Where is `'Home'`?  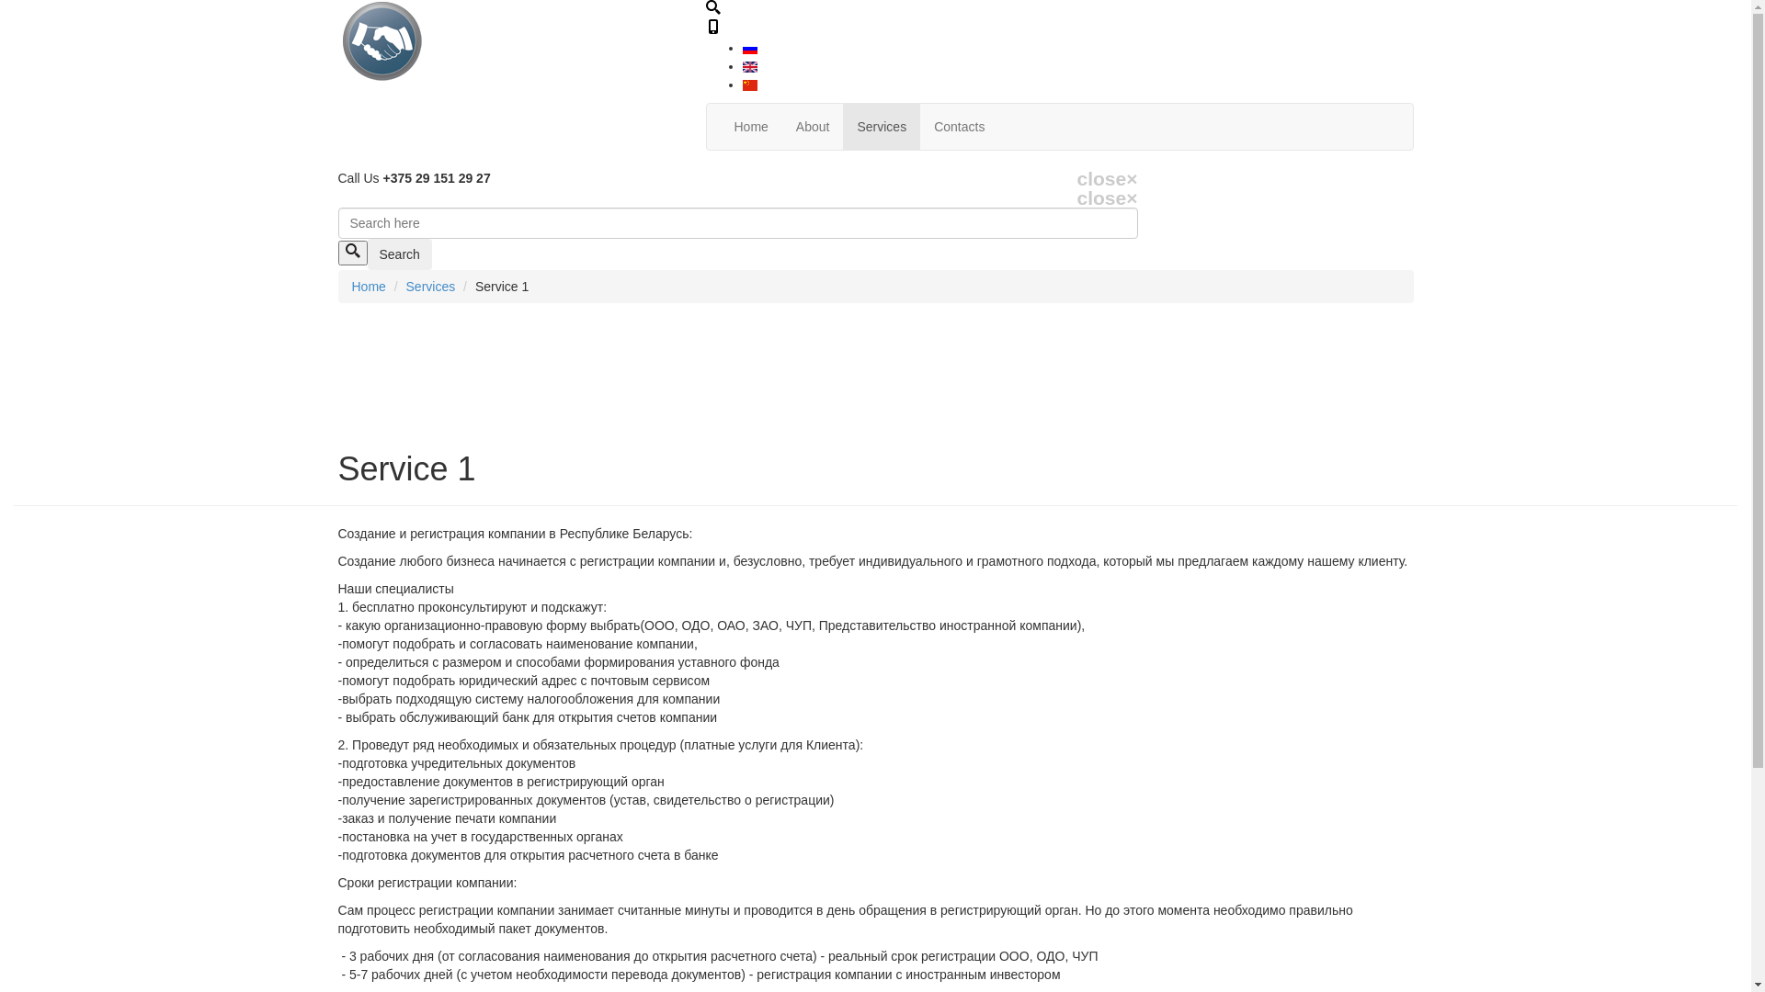 'Home' is located at coordinates (351, 287).